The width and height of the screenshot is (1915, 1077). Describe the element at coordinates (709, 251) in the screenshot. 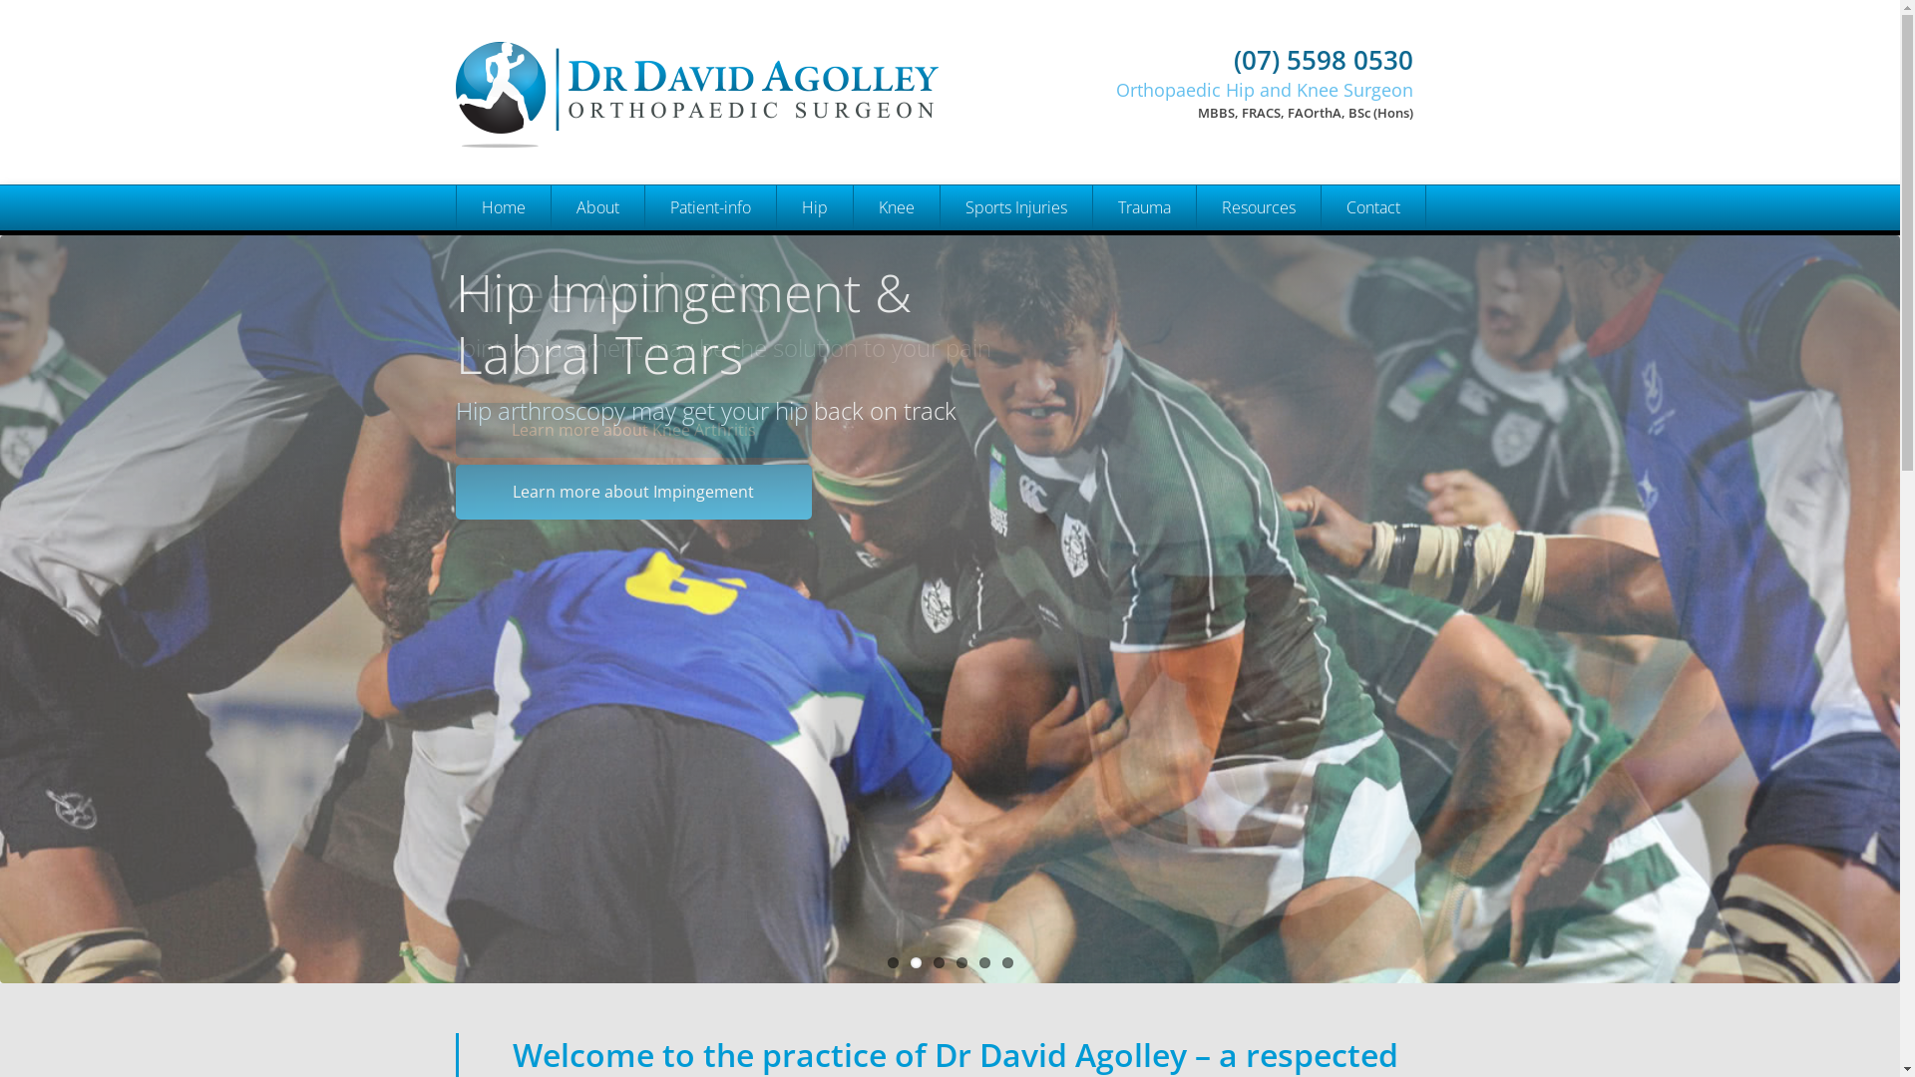

I see `'FAQ'` at that location.